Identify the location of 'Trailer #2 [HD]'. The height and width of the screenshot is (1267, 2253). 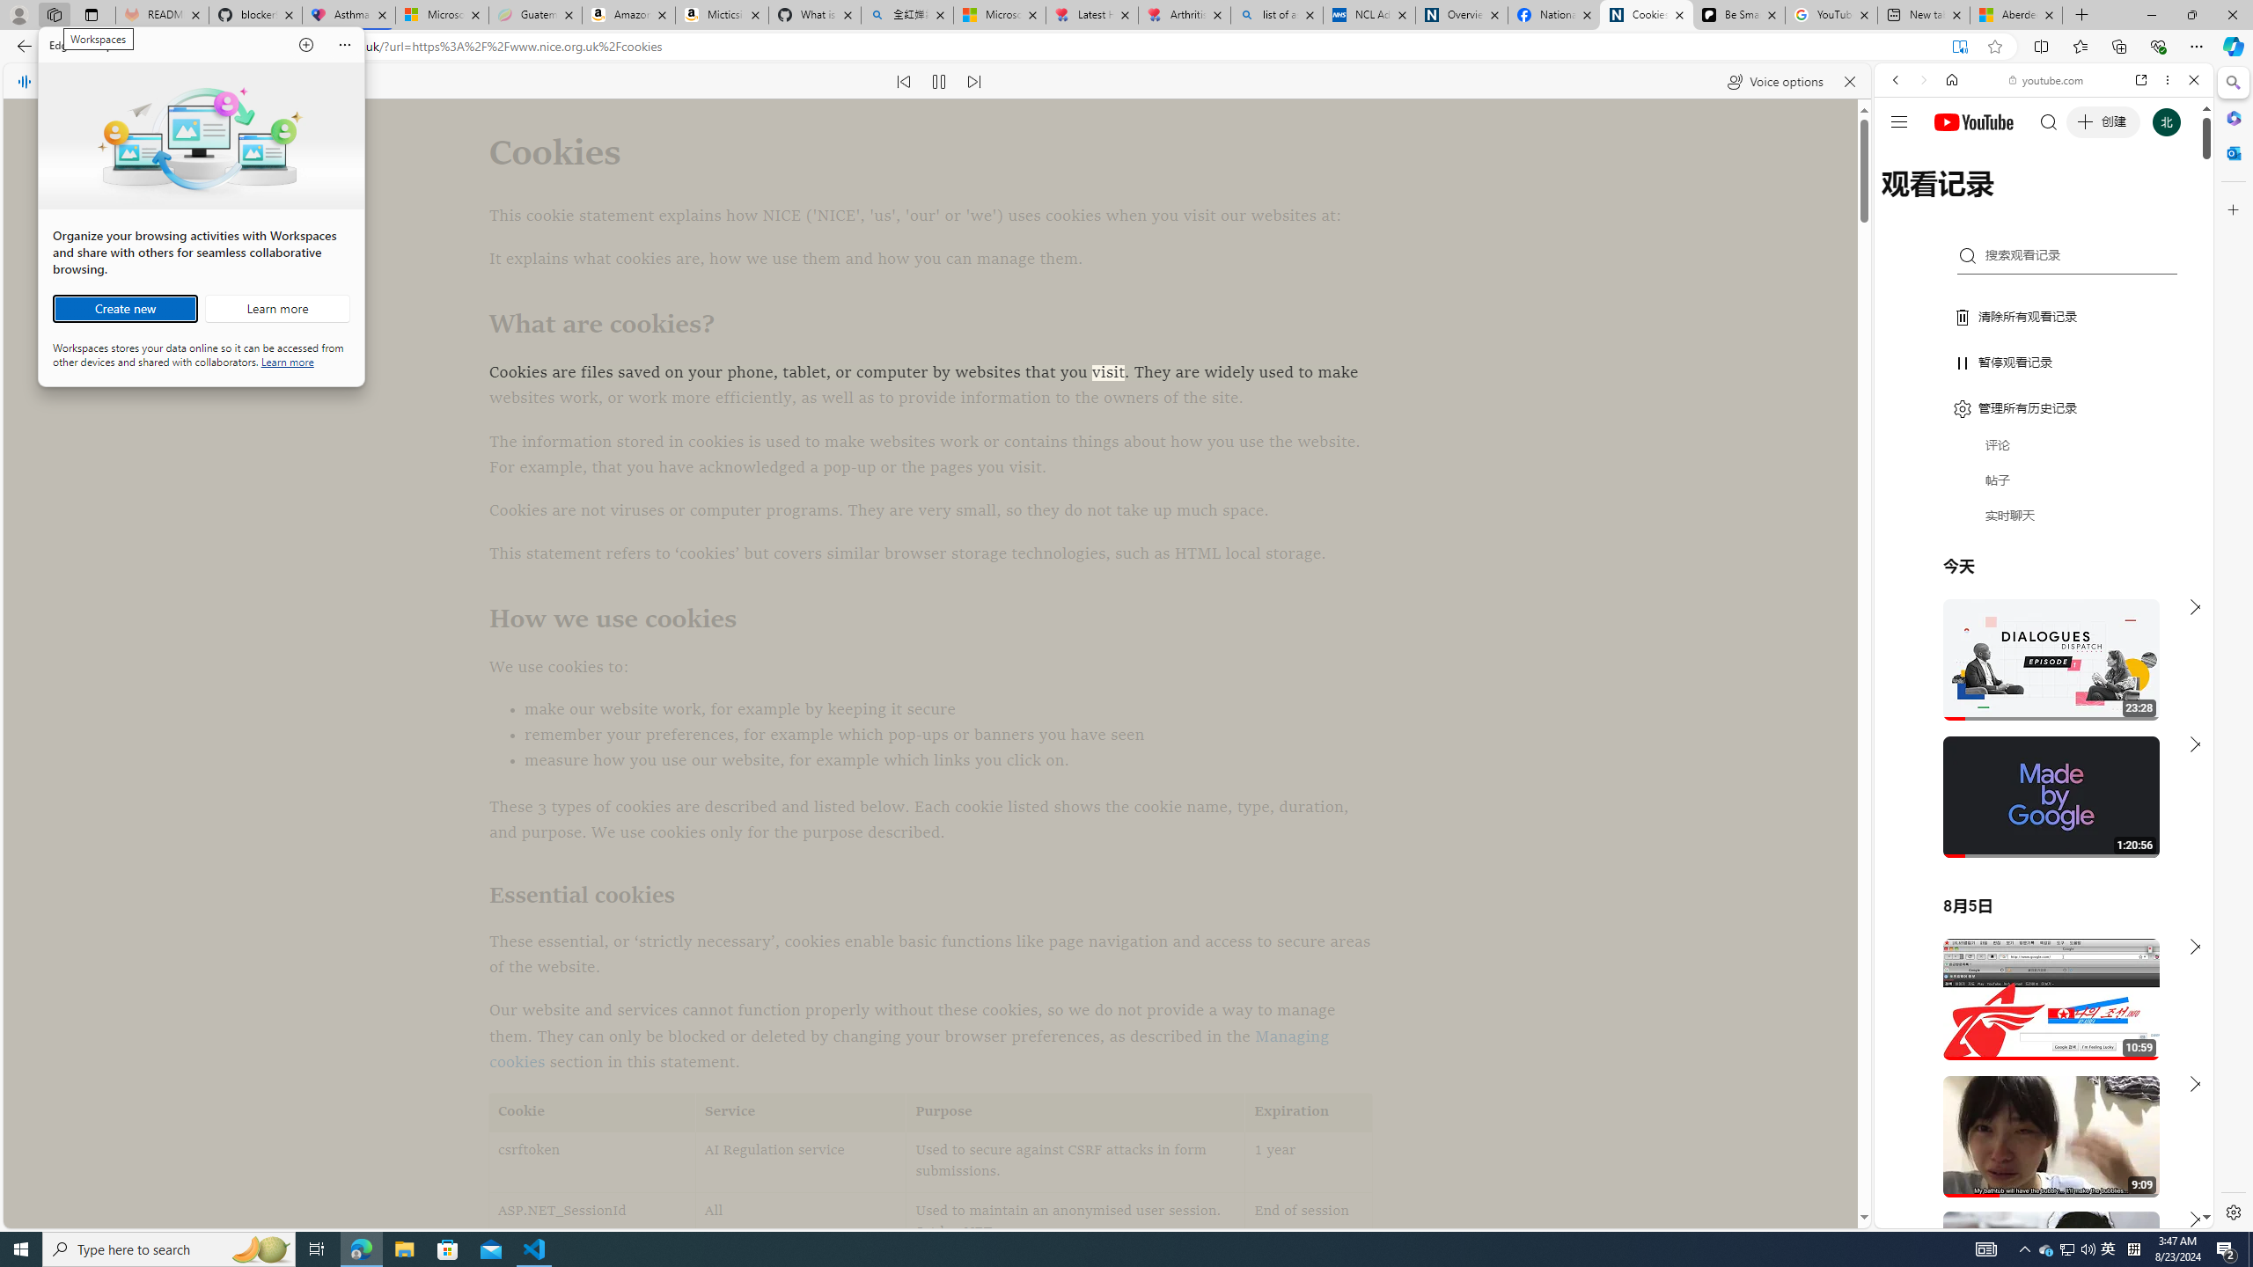
(2042, 520).